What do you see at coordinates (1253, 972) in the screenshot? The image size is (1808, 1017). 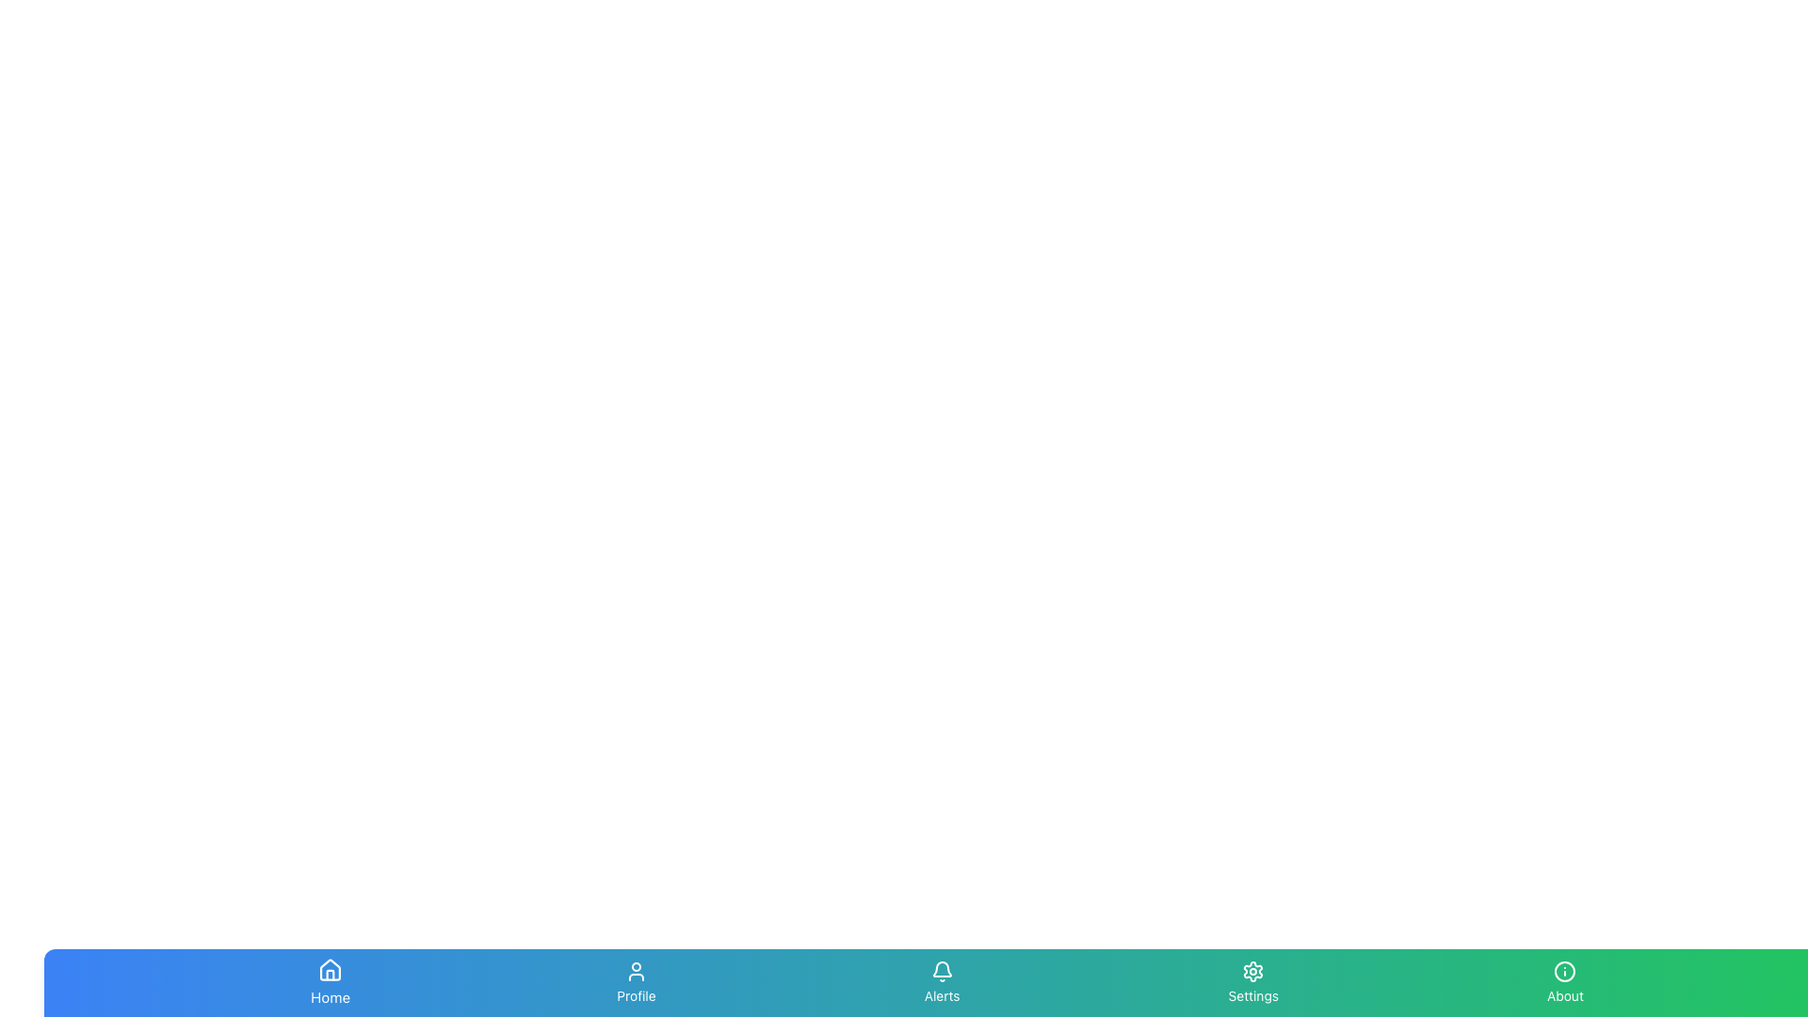 I see `the settings icon located in the bottom navigation bar, which is between the 'Alerts' and 'About' buttons` at bounding box center [1253, 972].